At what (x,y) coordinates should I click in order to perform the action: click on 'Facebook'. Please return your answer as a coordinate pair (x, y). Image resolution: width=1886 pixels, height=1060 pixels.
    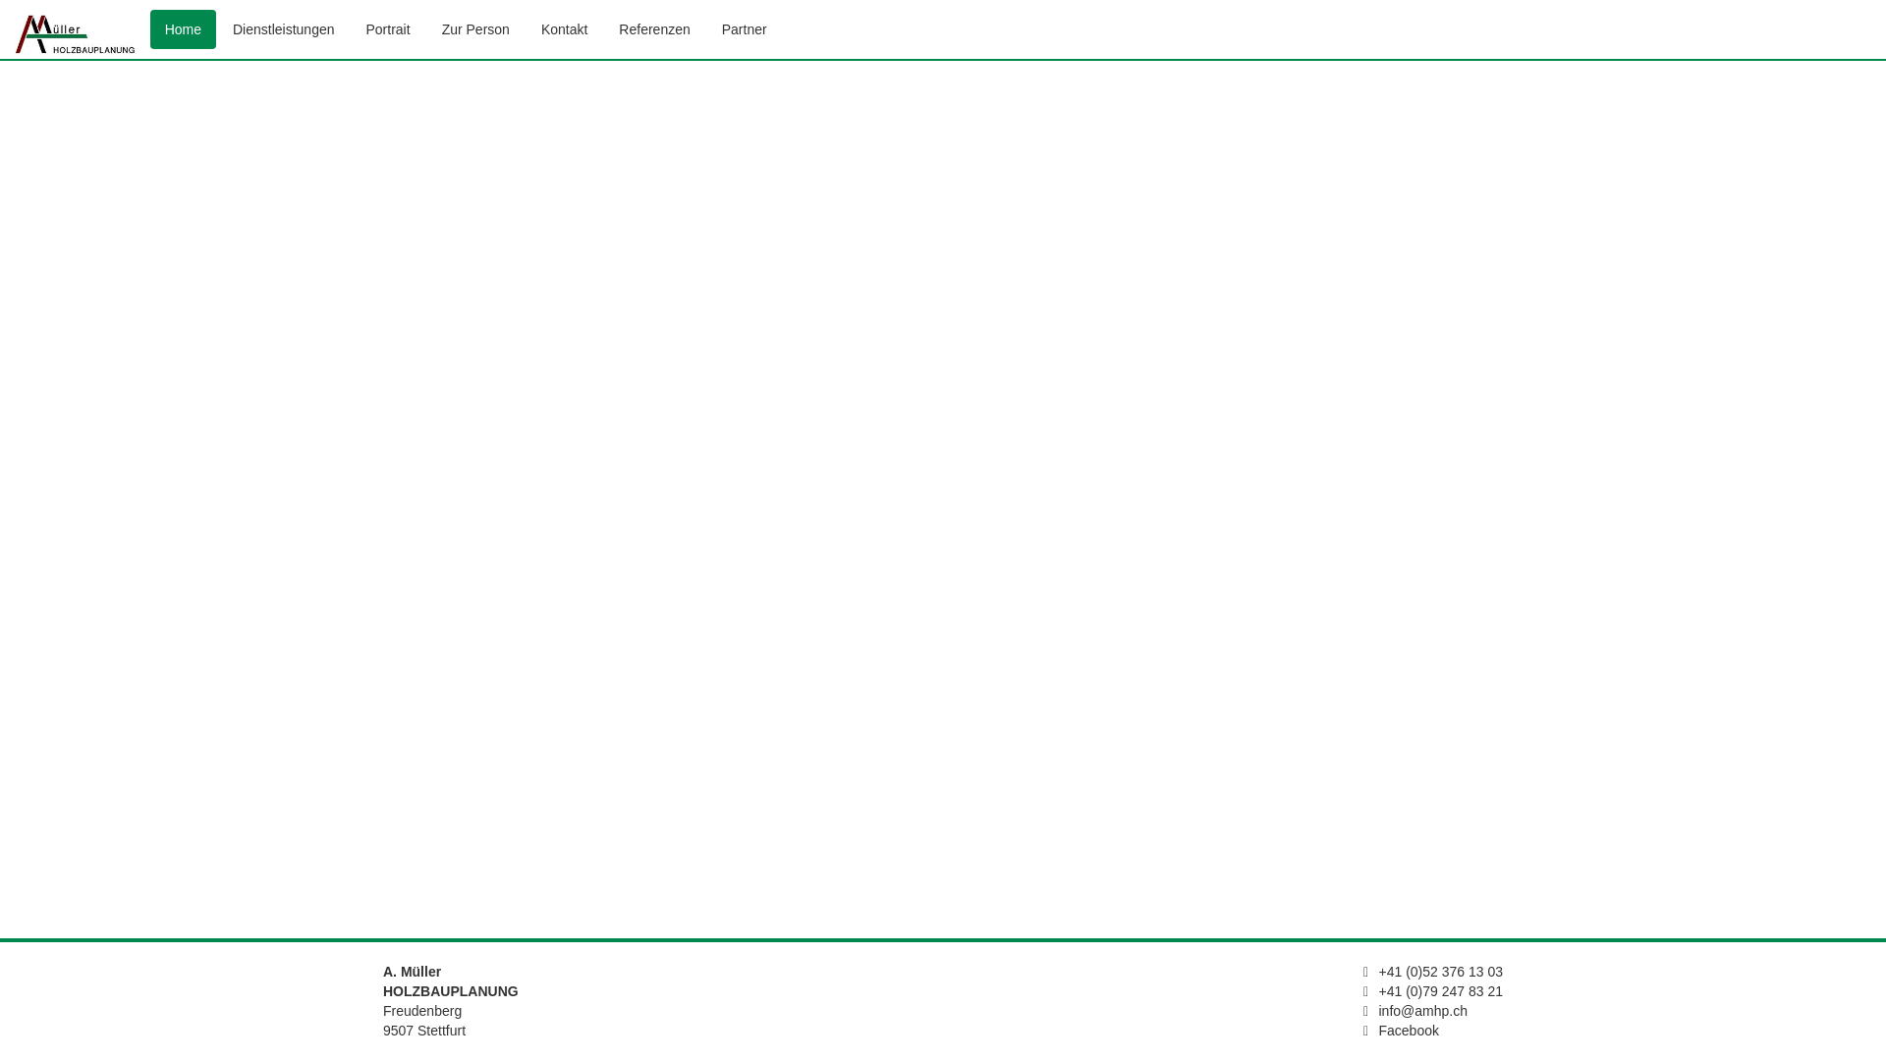
    Looking at the image, I should click on (1408, 1029).